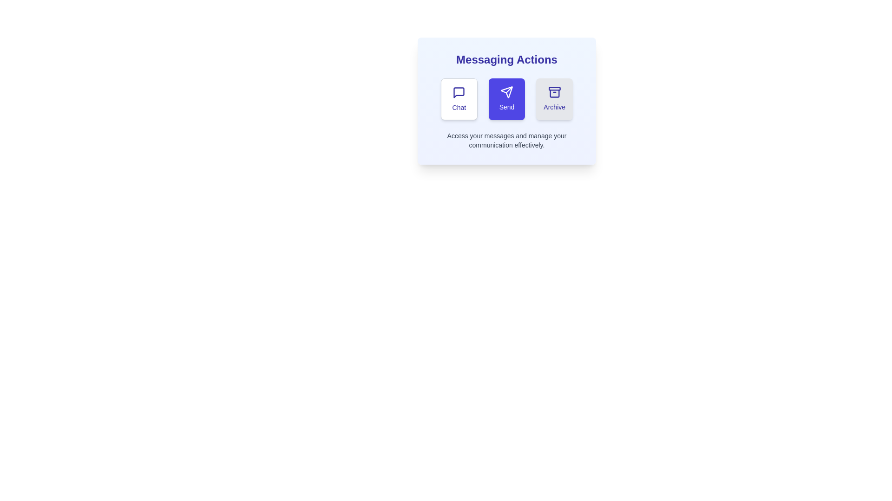 The image size is (892, 501). I want to click on the Text Label styled in 'Chat' font located below the chat bubble icon, part of the leftmost button in a row of three buttons, so click(459, 107).